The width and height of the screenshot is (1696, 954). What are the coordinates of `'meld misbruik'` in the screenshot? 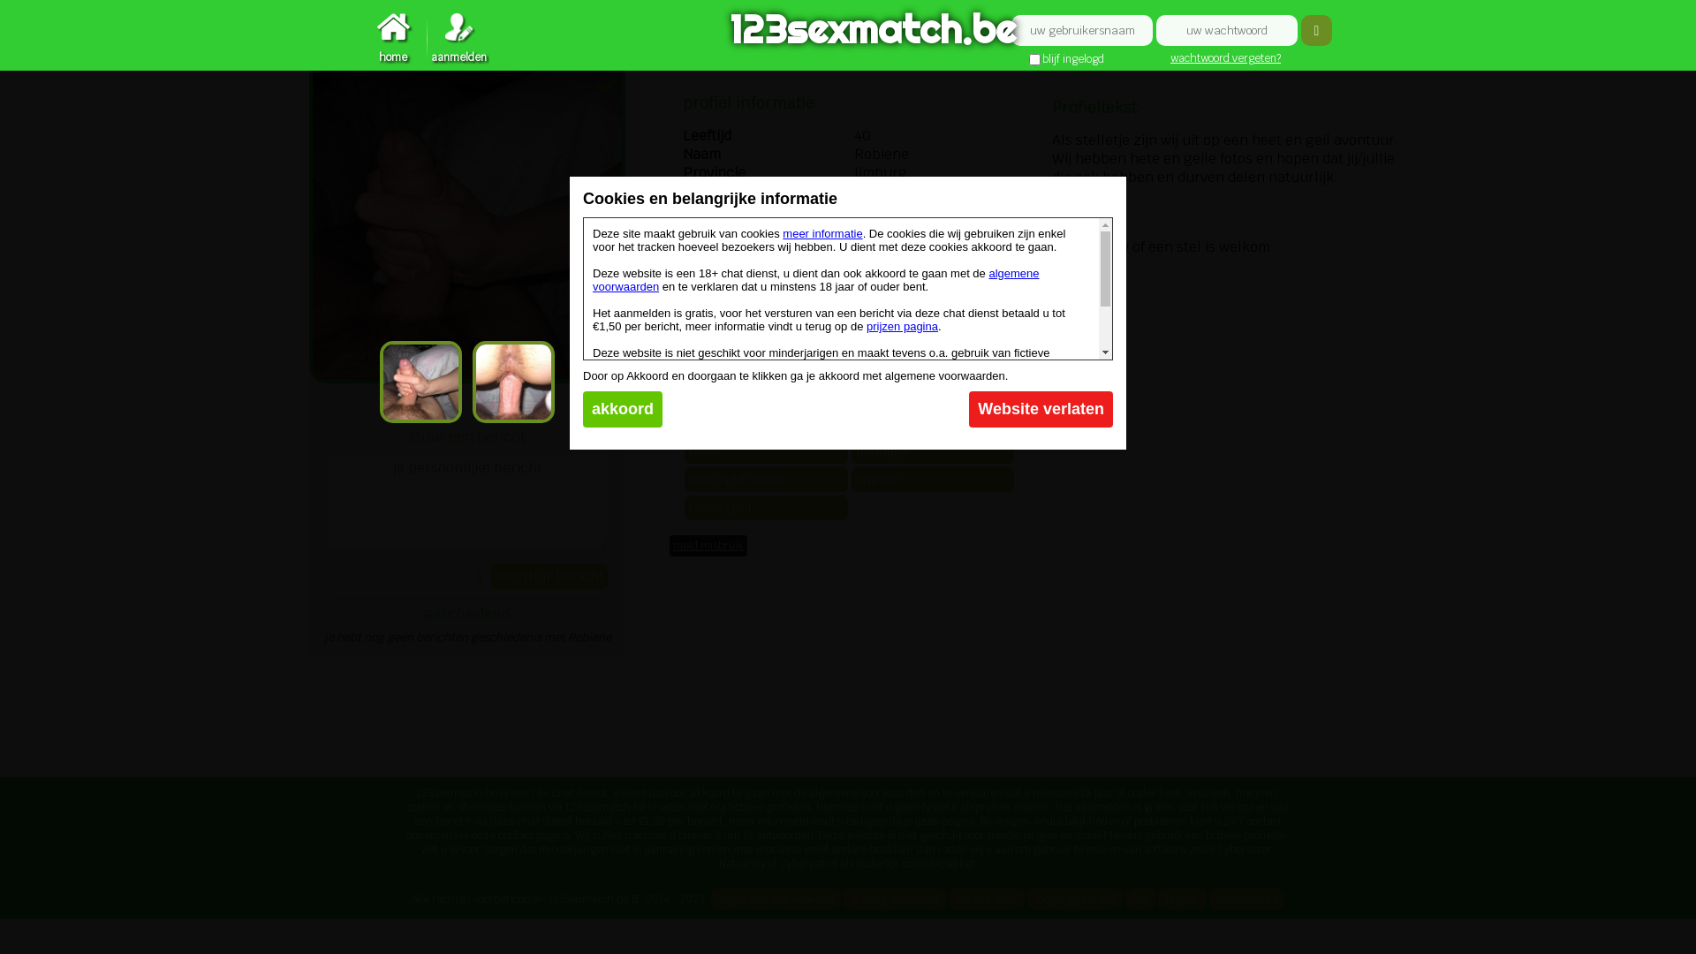 It's located at (708, 544).